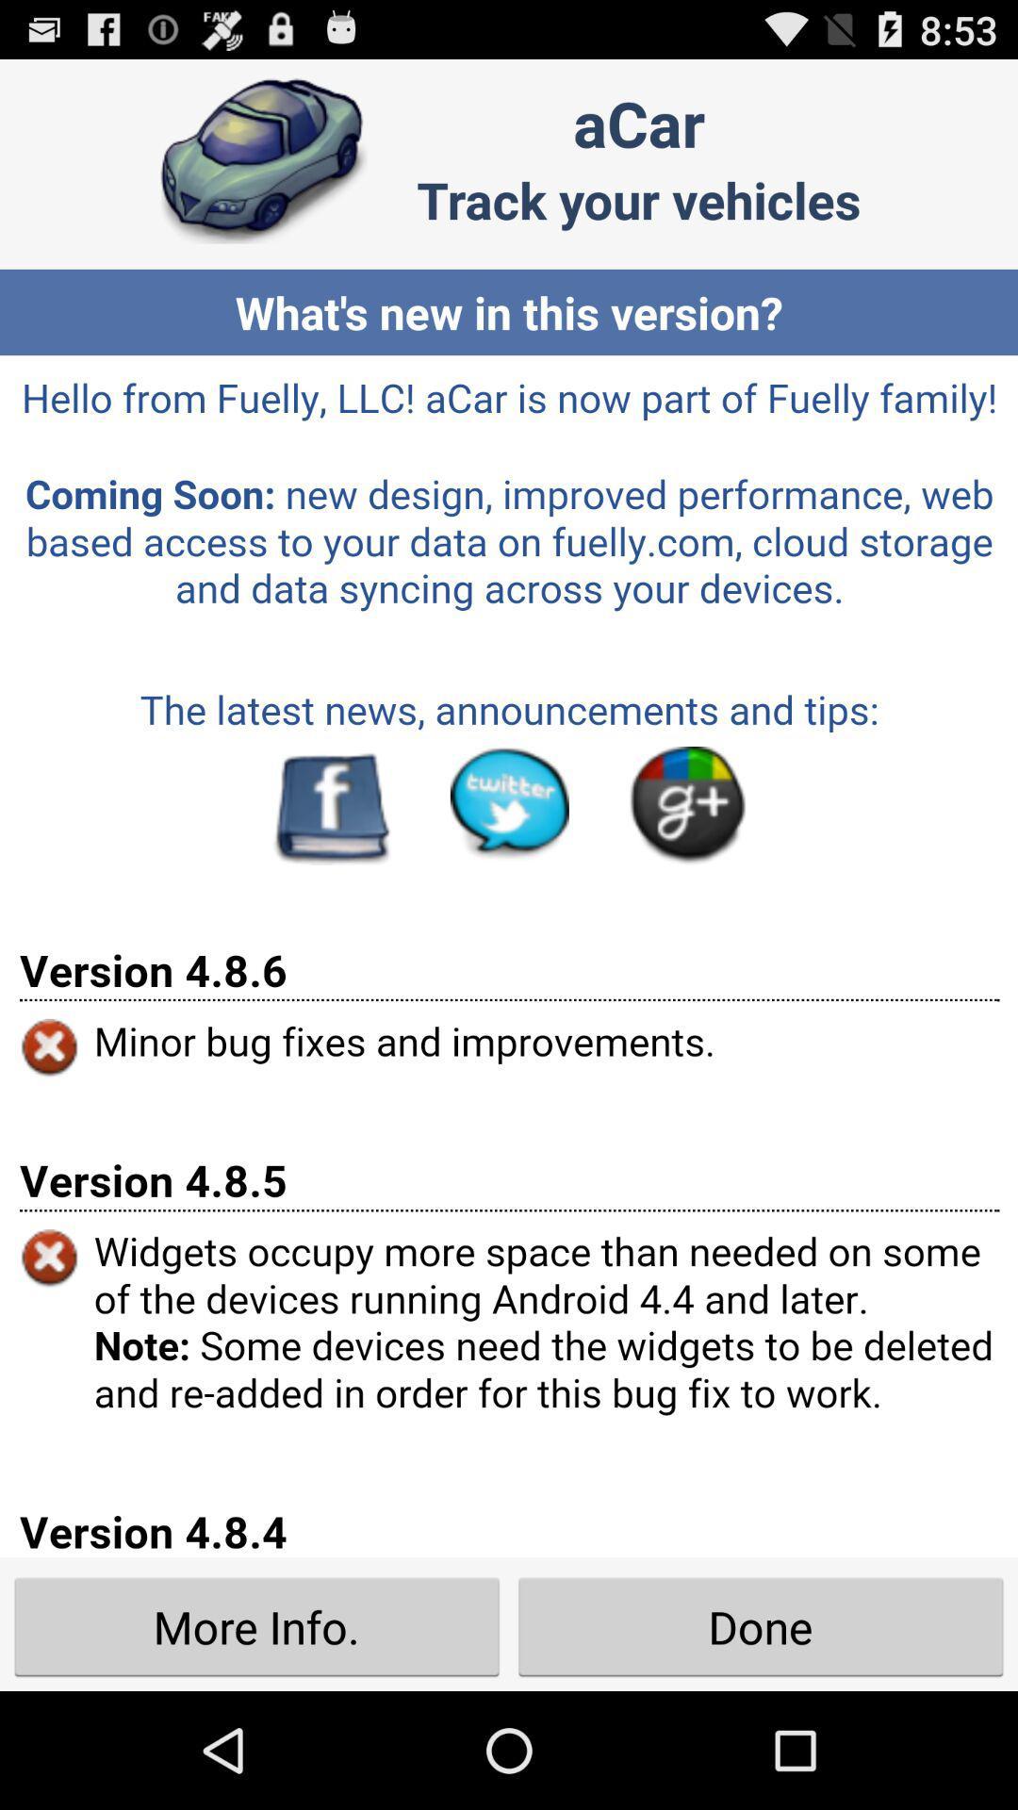 The height and width of the screenshot is (1810, 1018). What do you see at coordinates (509, 956) in the screenshot?
I see `seeing in the paragraph` at bounding box center [509, 956].